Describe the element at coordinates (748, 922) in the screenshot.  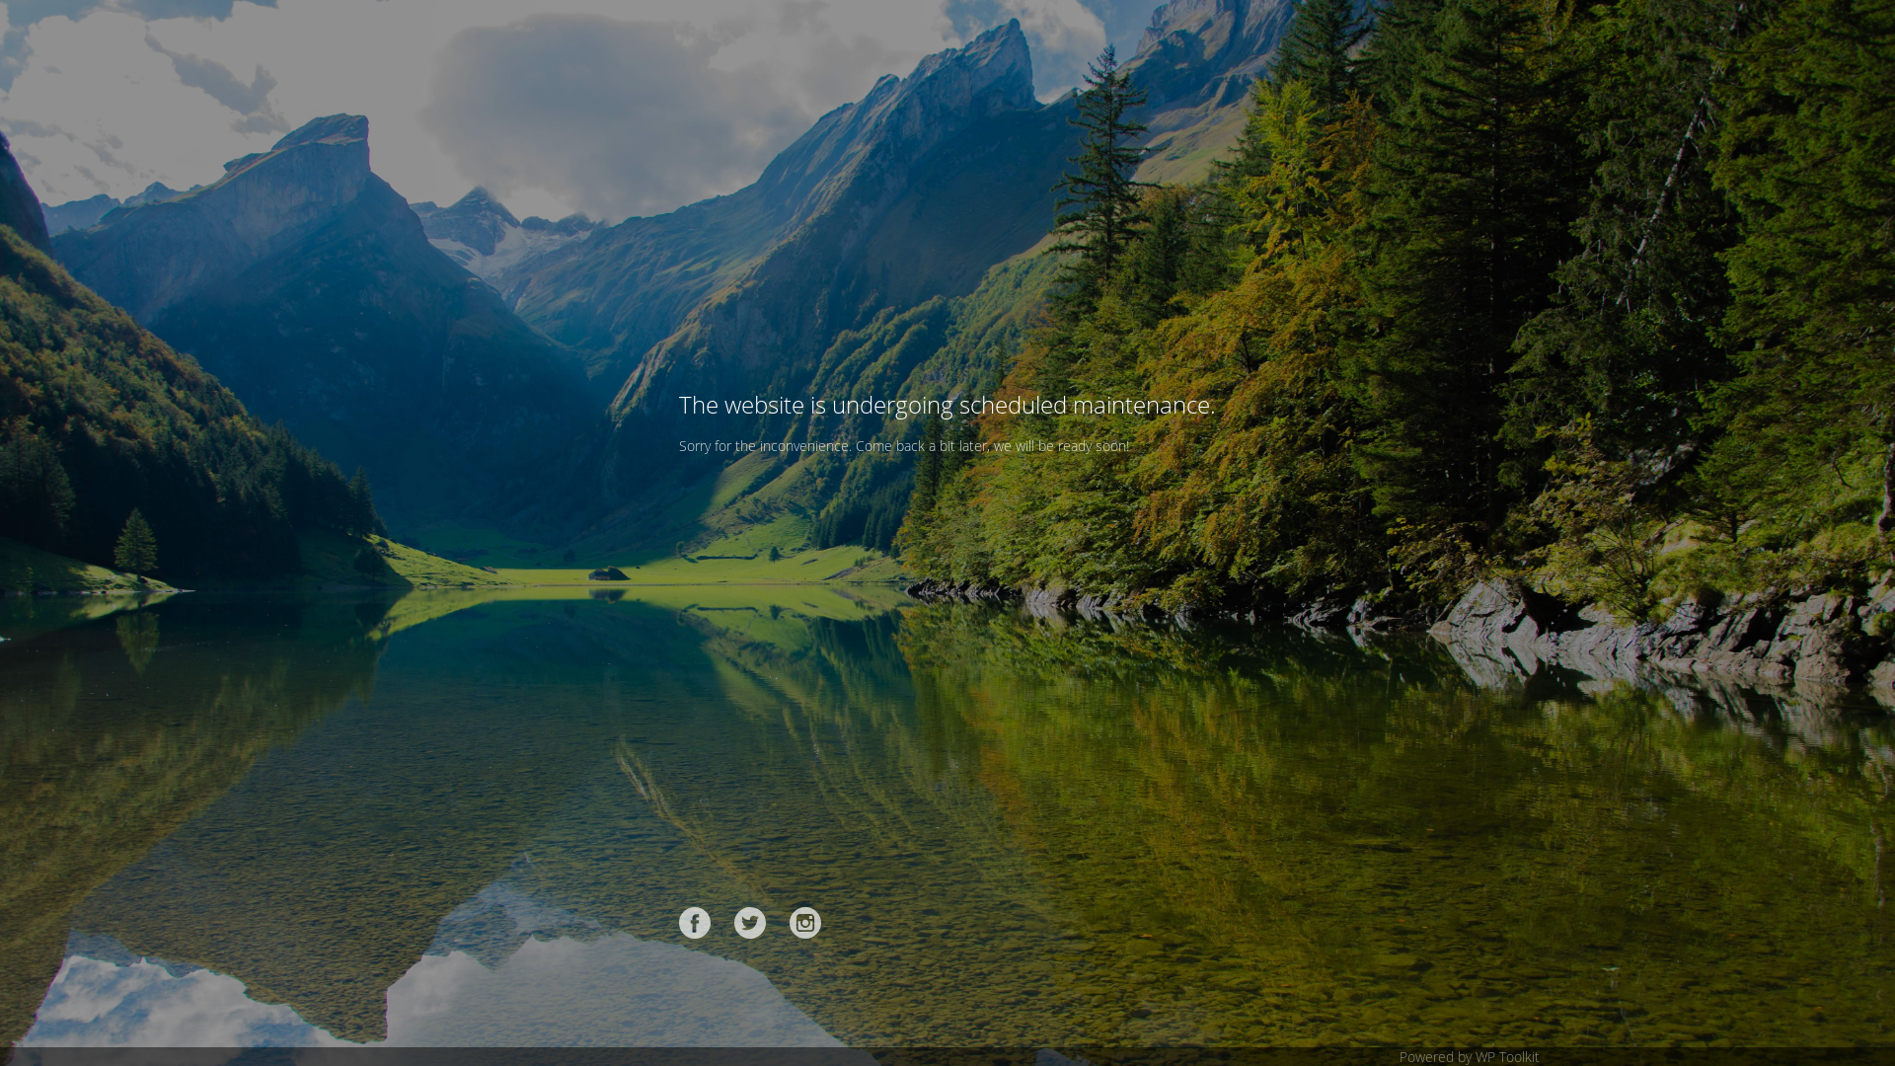
I see `'Twitter'` at that location.